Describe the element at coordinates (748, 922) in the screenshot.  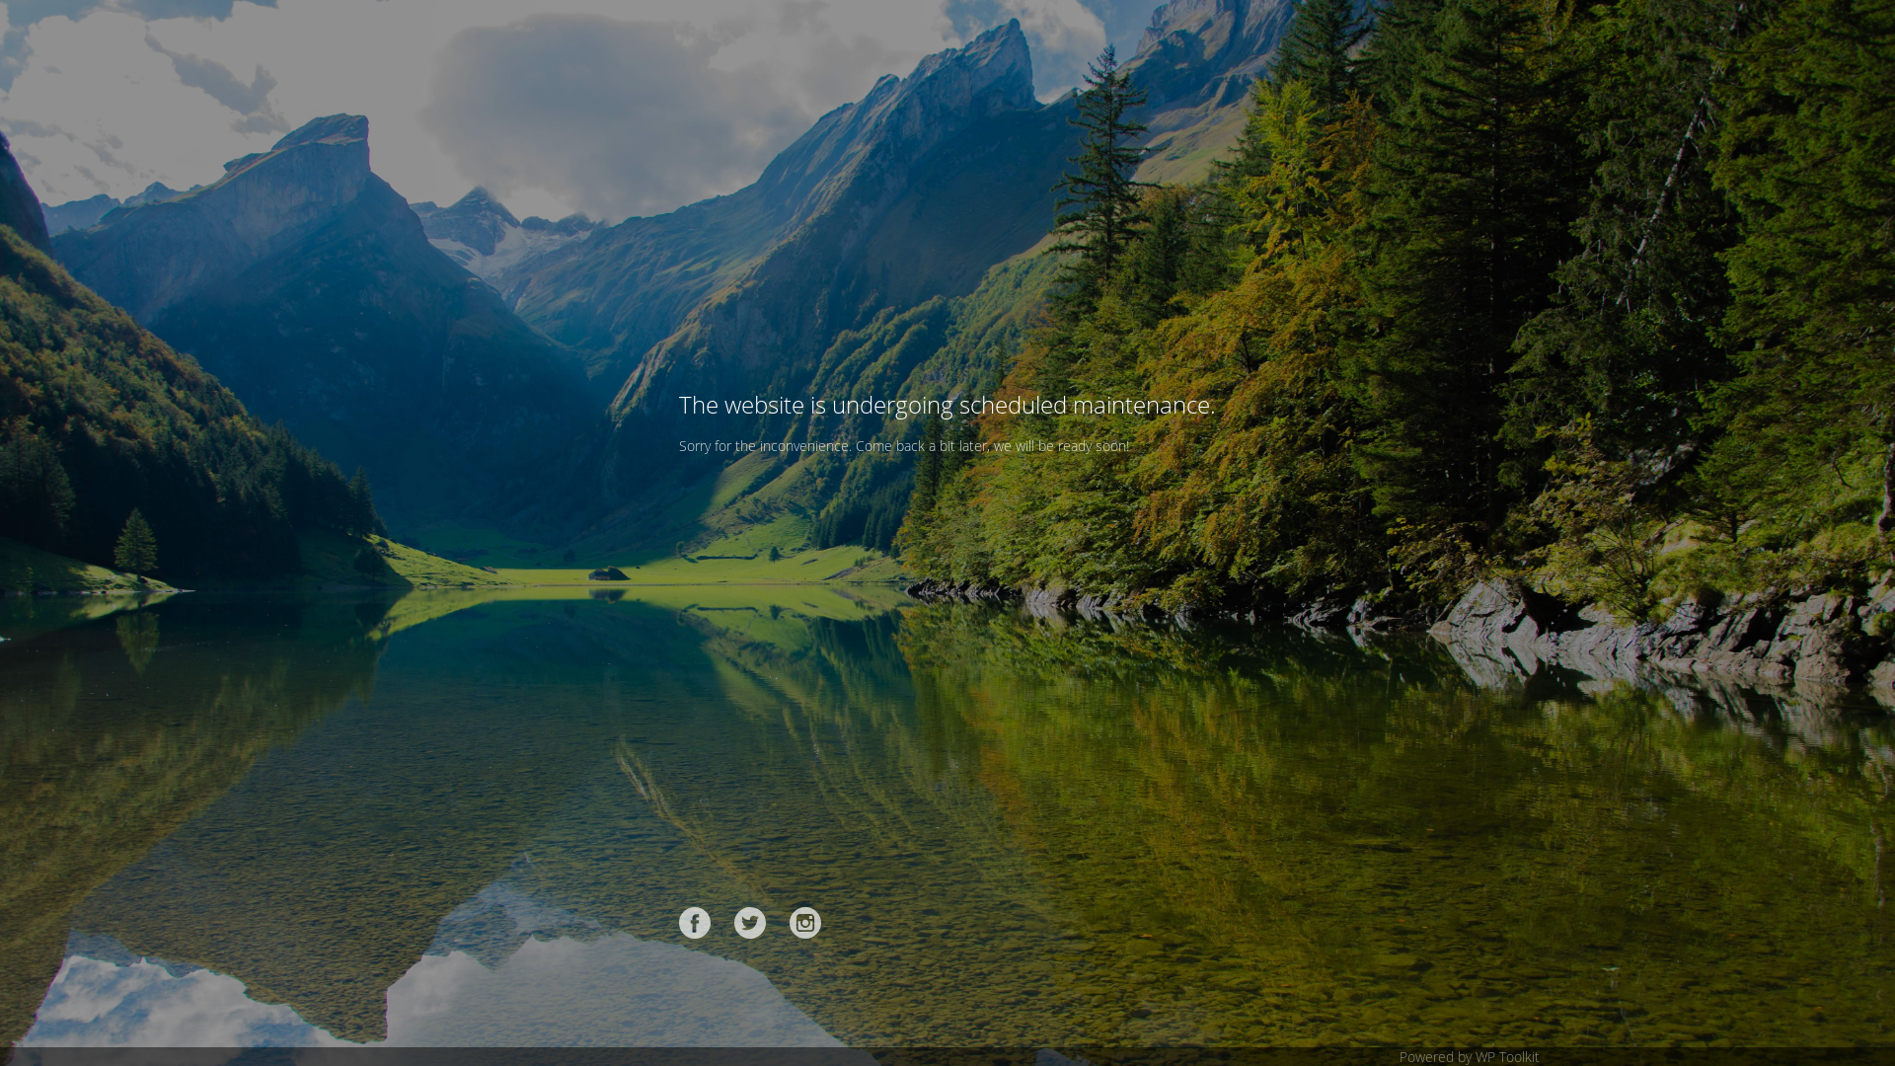
I see `'Twitter'` at that location.